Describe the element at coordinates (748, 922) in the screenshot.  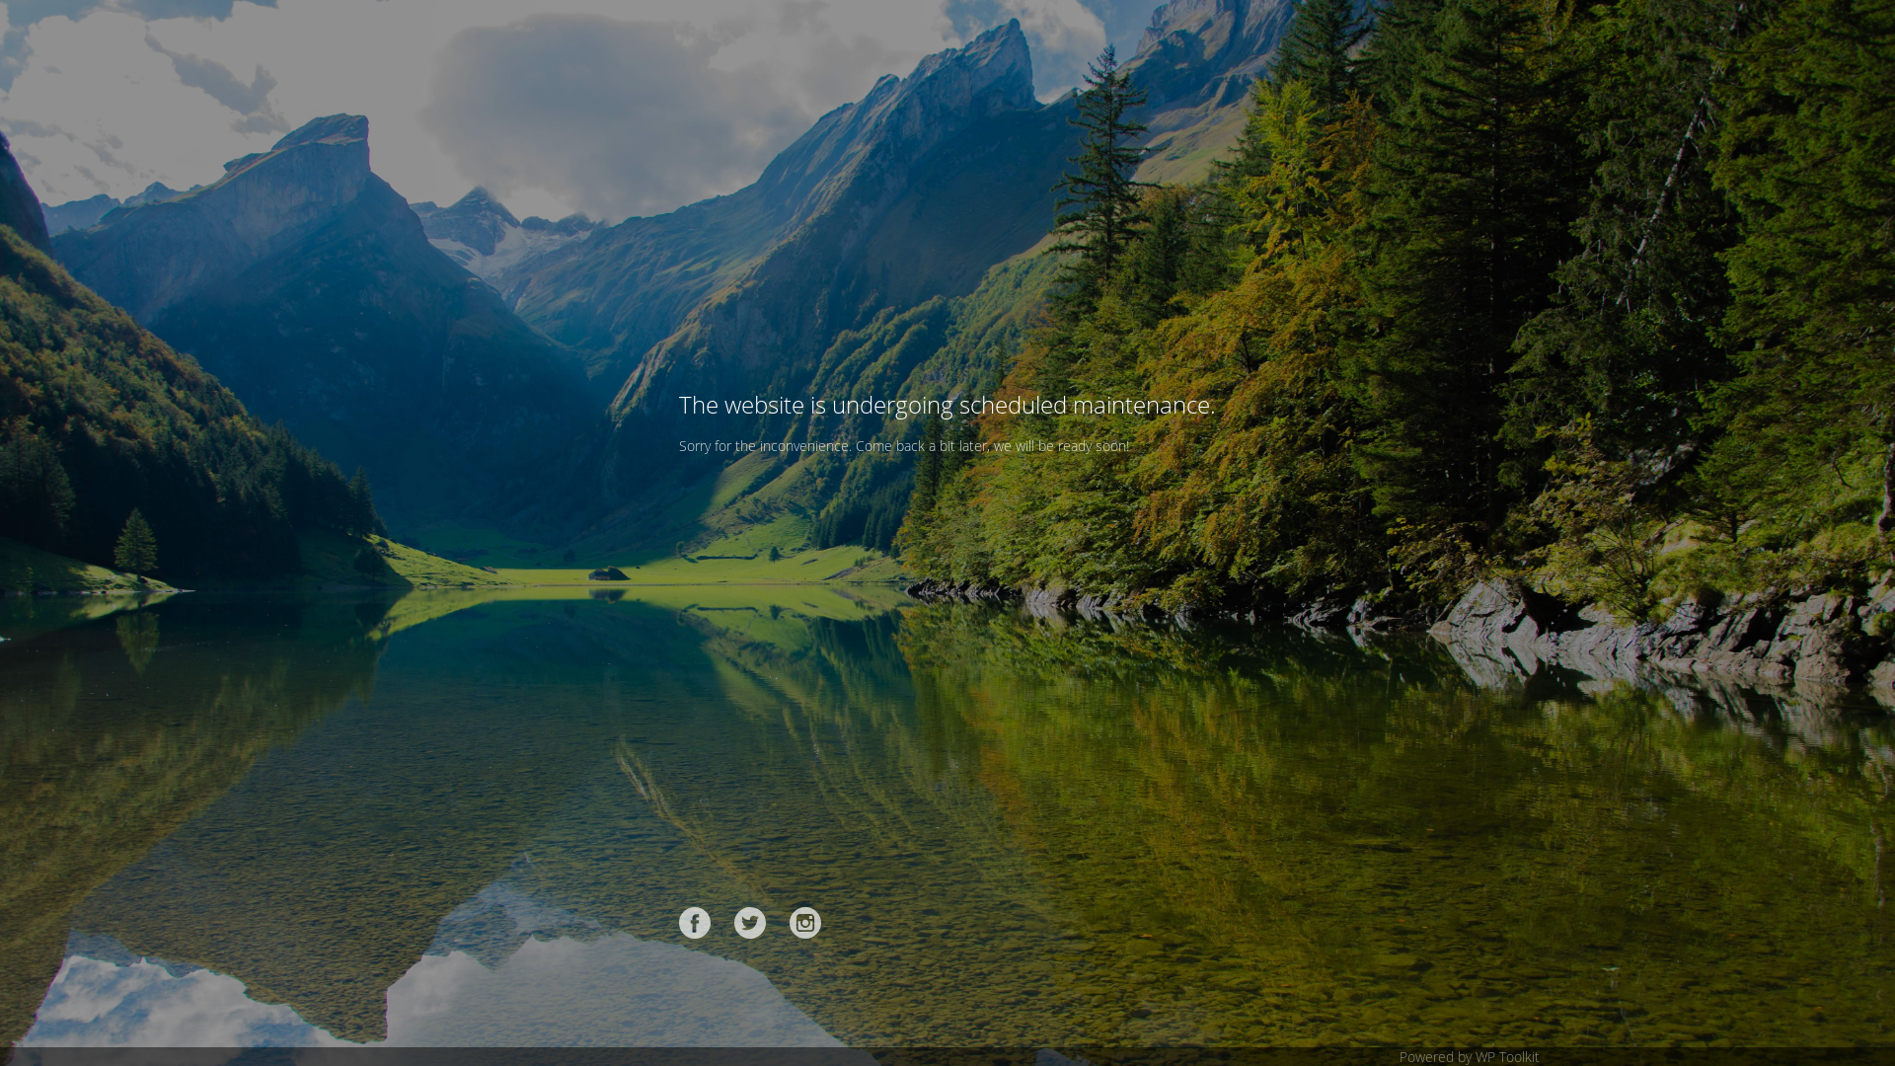
I see `'Twitter'` at that location.